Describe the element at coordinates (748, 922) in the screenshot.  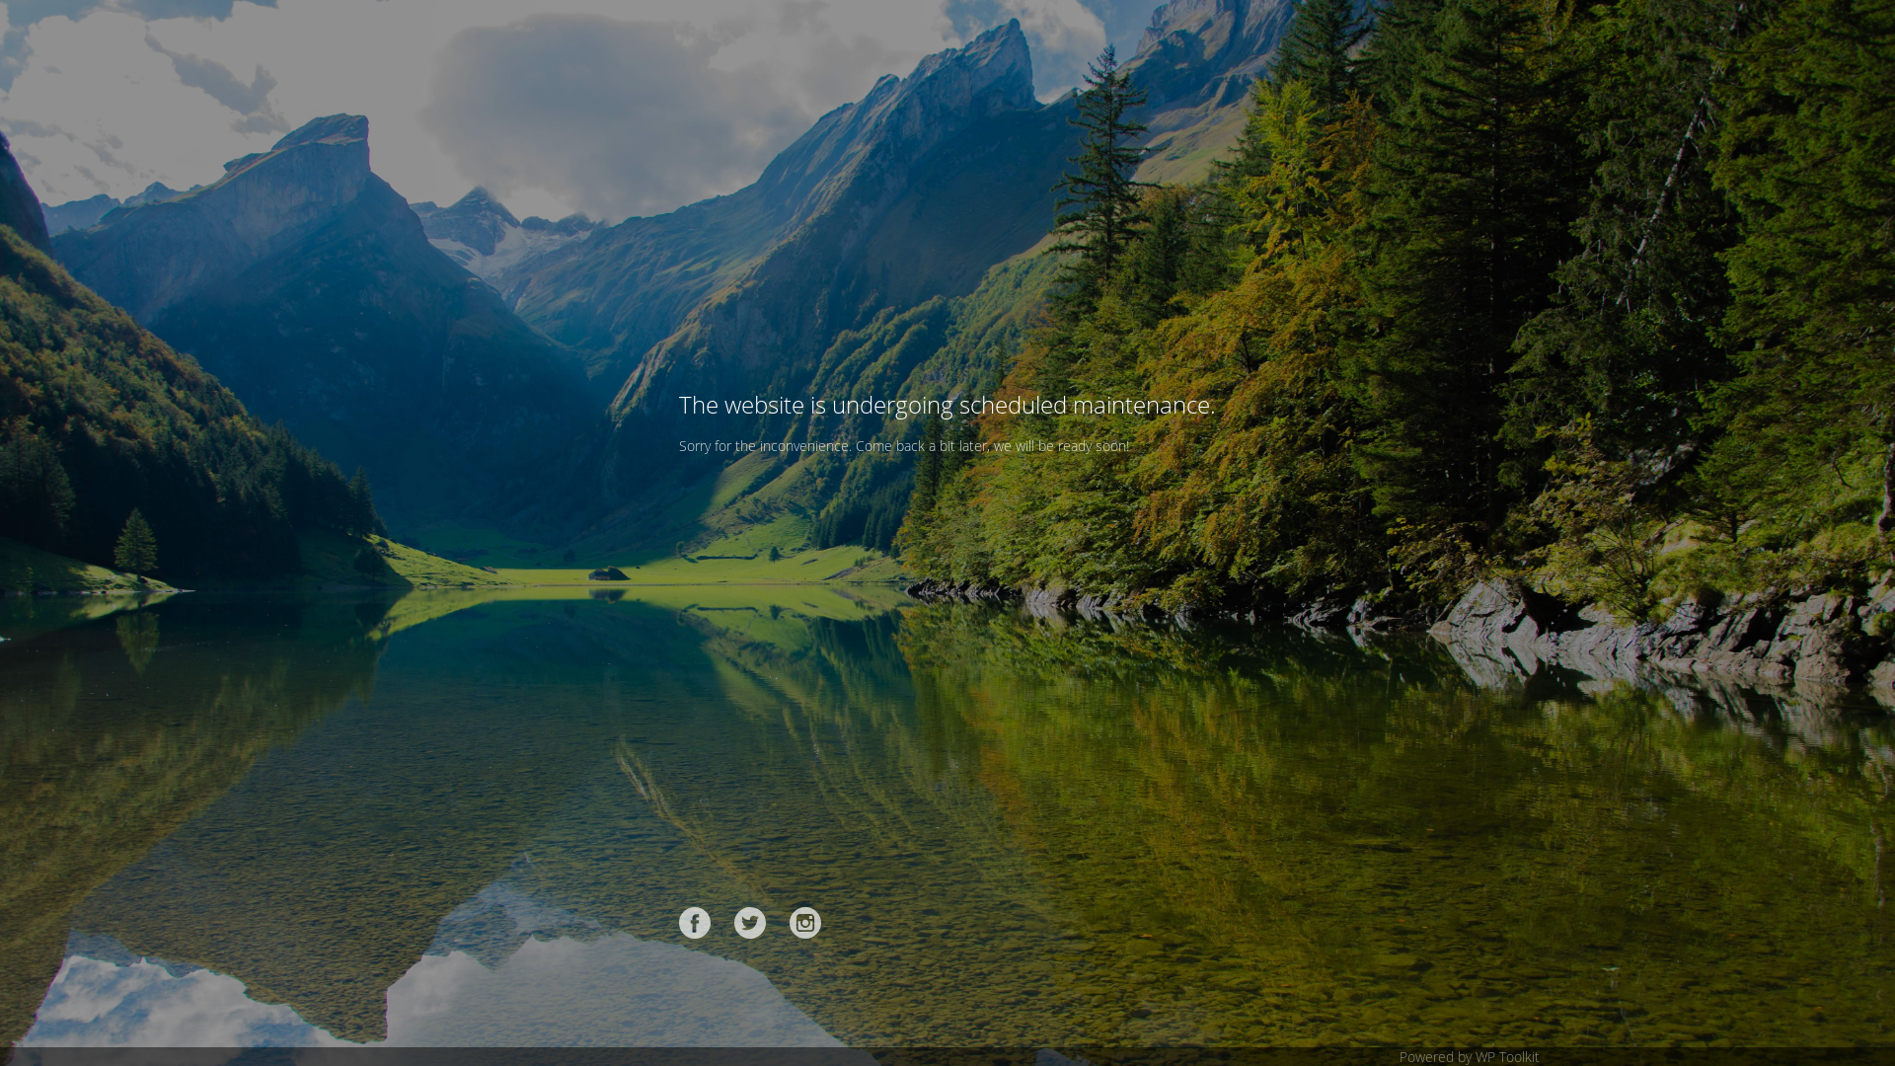
I see `'Twitter'` at that location.